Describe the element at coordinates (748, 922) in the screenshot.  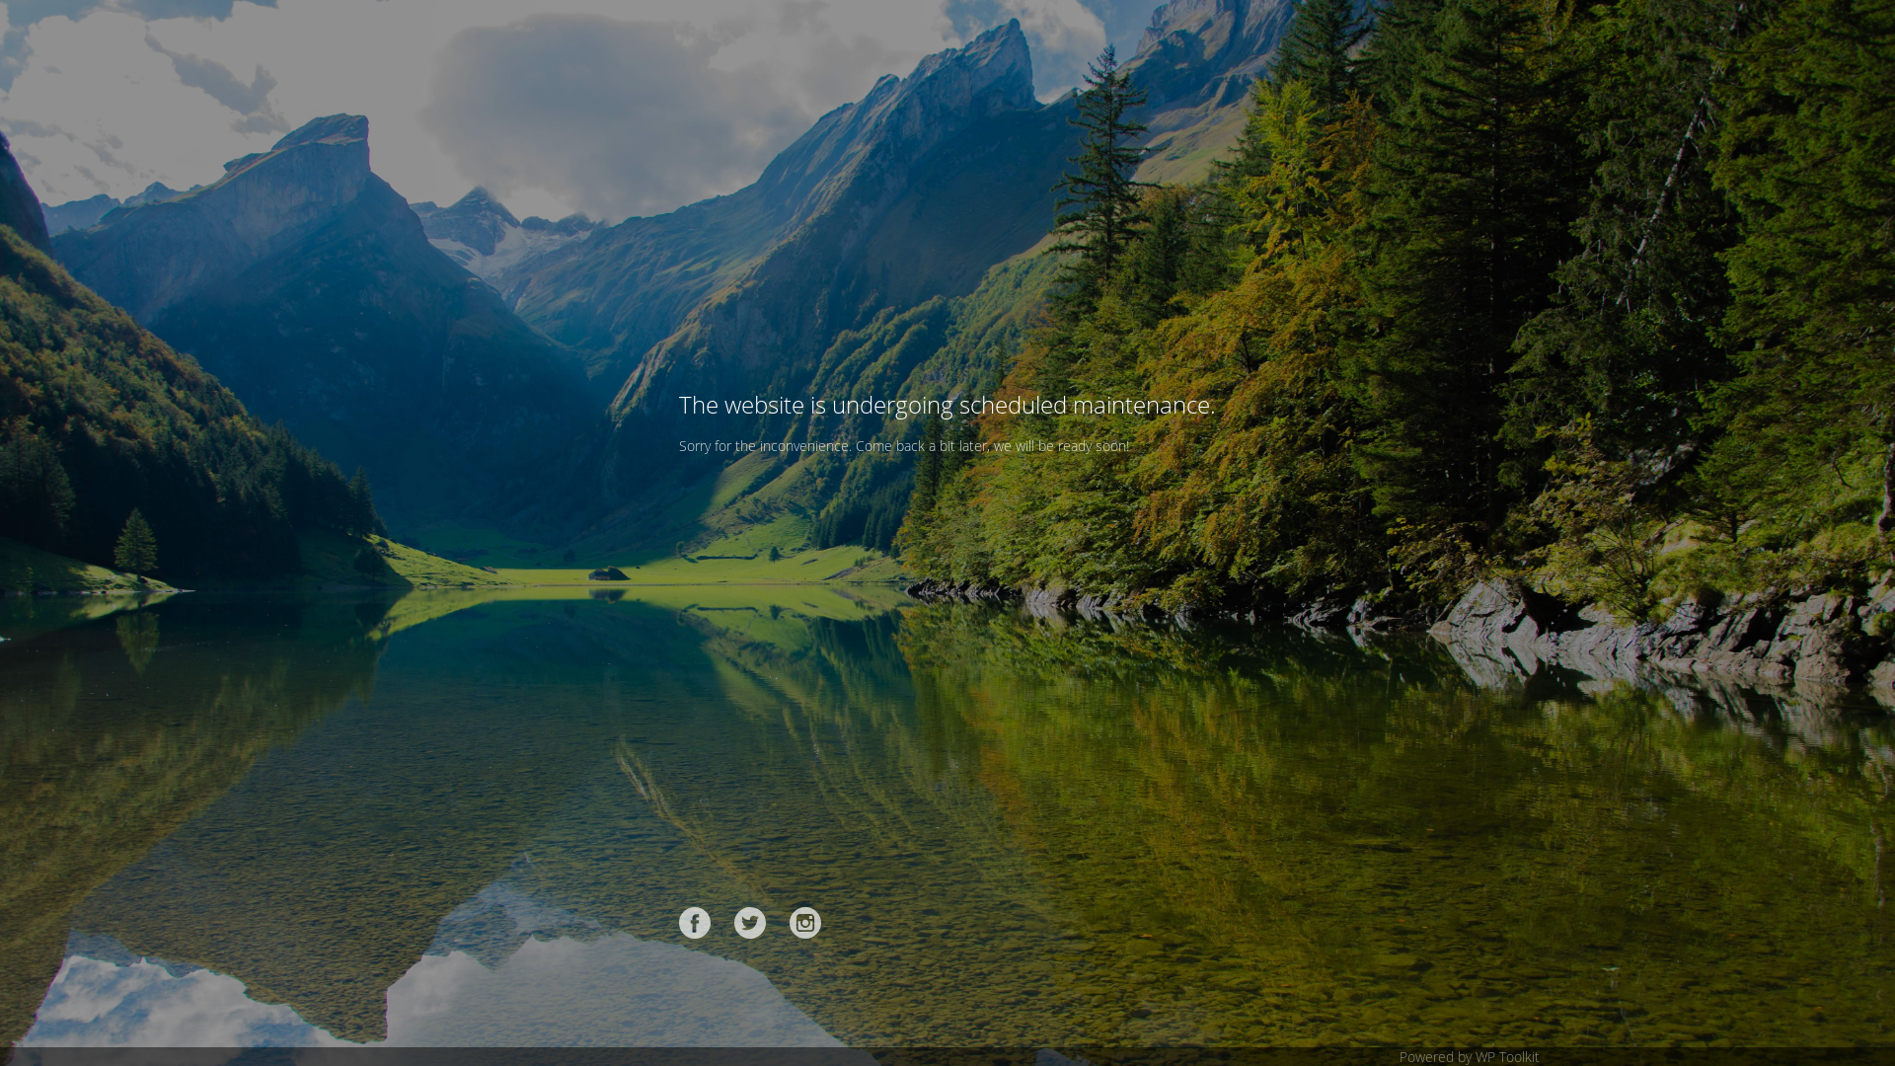
I see `'Twitter'` at that location.